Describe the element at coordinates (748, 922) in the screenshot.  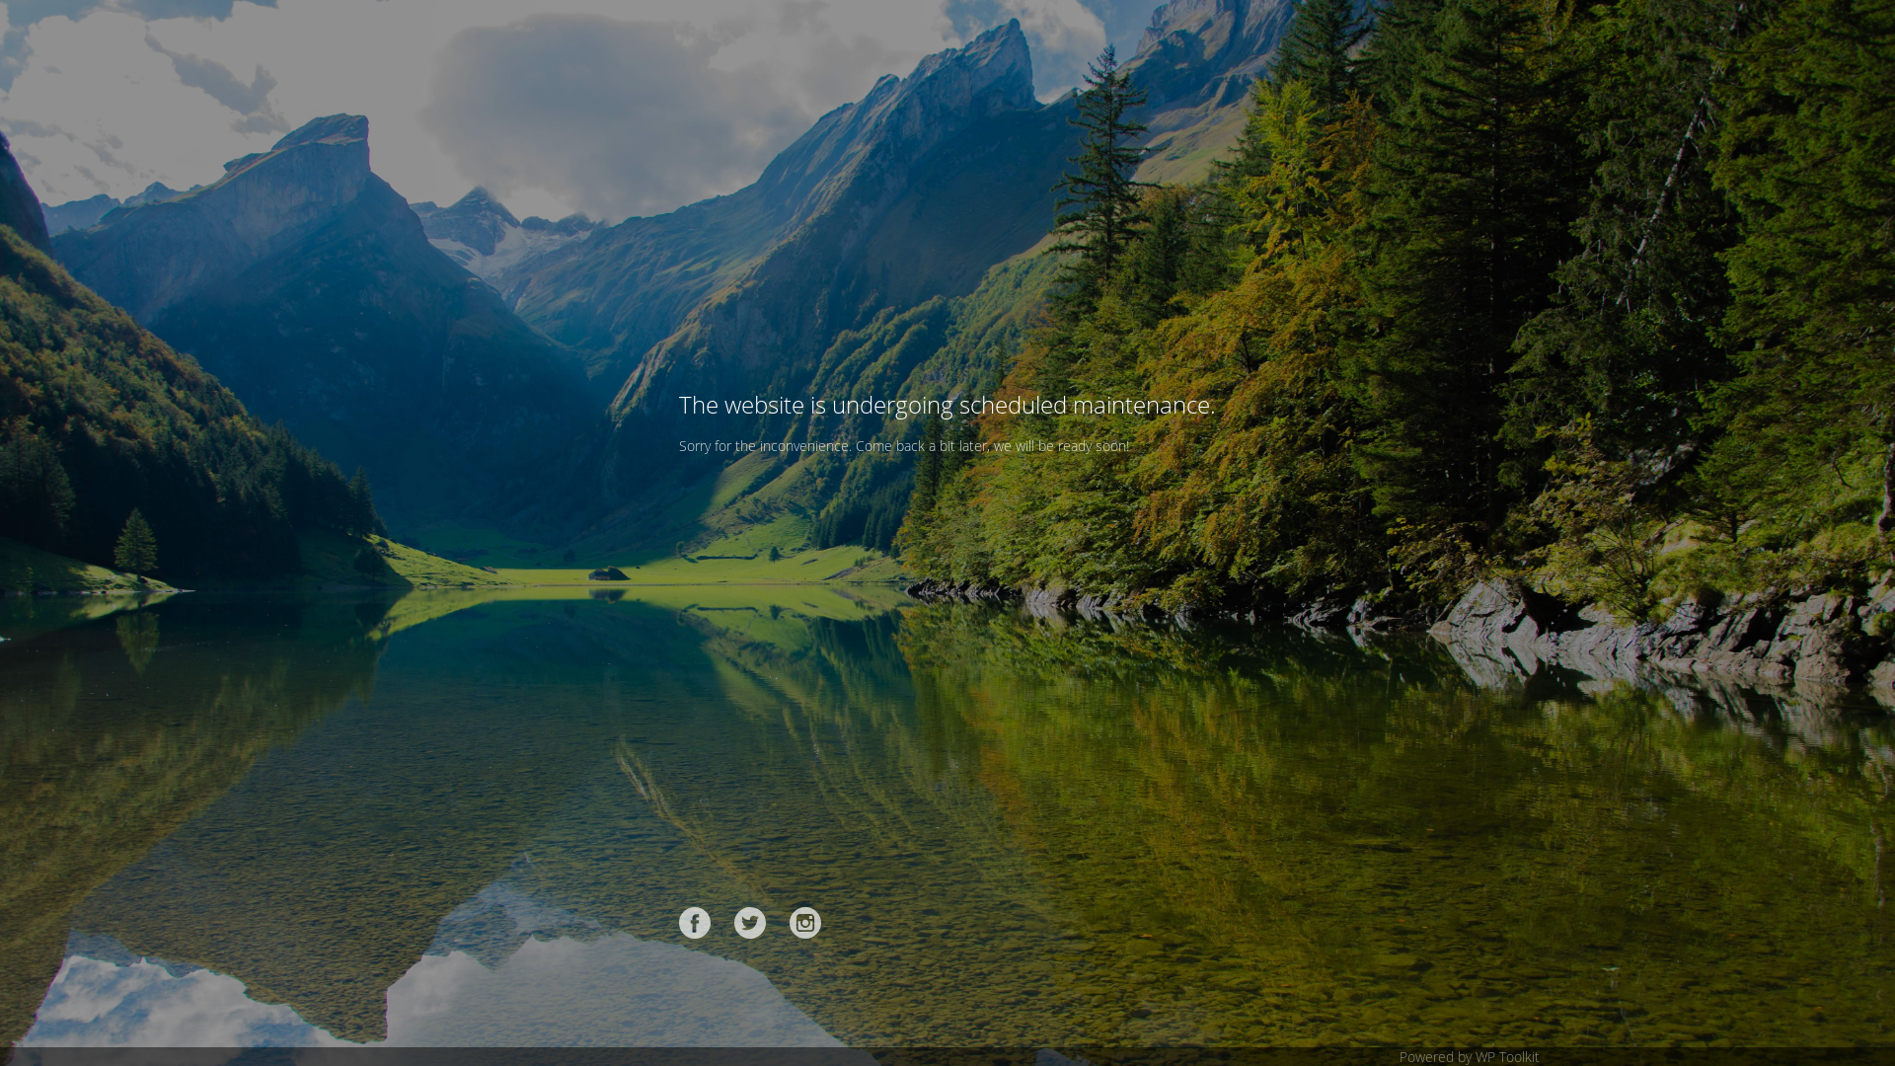
I see `'Twitter'` at that location.